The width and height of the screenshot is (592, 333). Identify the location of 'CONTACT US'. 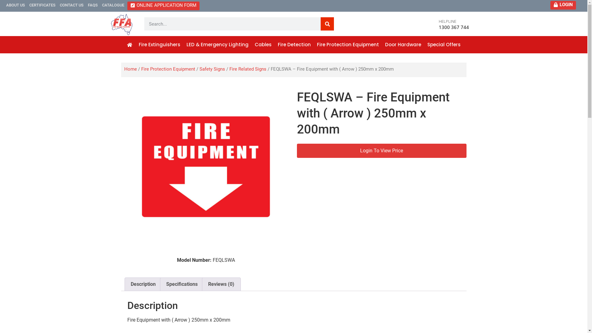
(72, 5).